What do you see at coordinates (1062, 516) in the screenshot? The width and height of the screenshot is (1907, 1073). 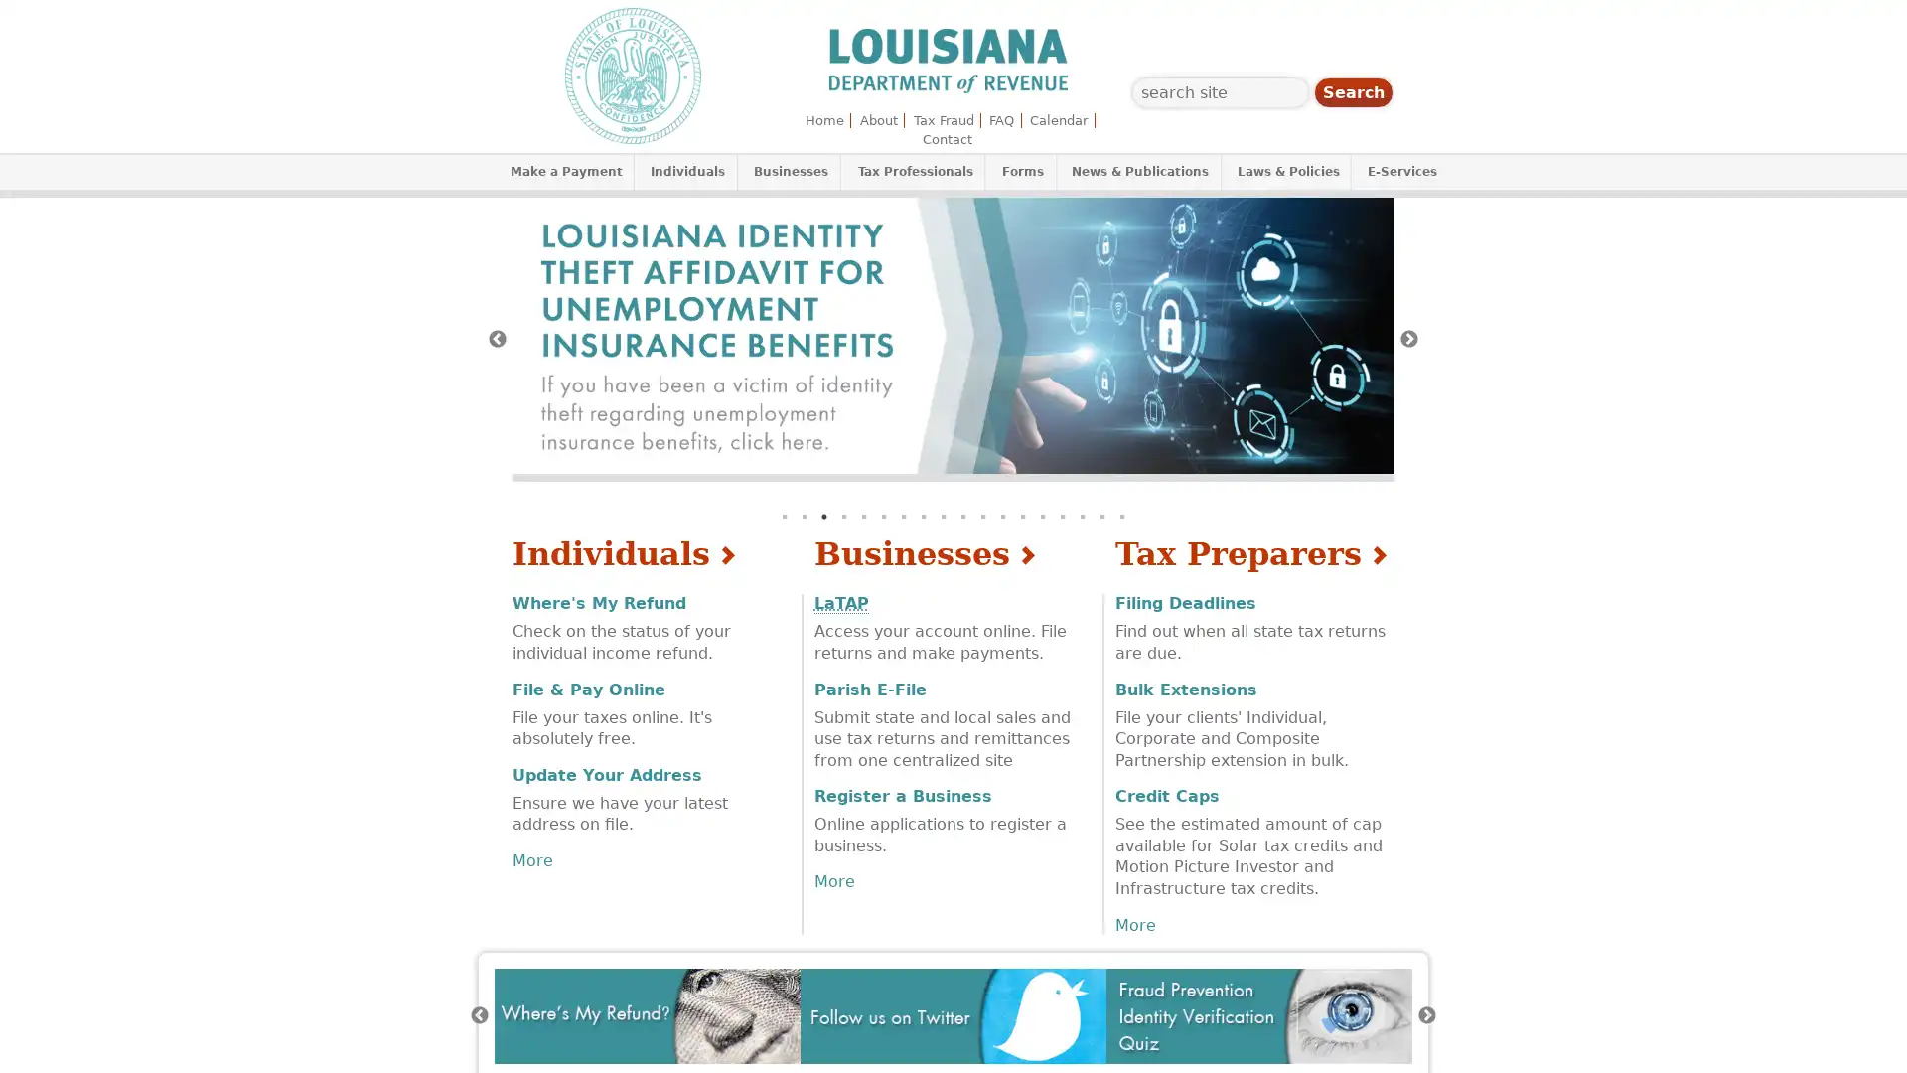 I see `15` at bounding box center [1062, 516].